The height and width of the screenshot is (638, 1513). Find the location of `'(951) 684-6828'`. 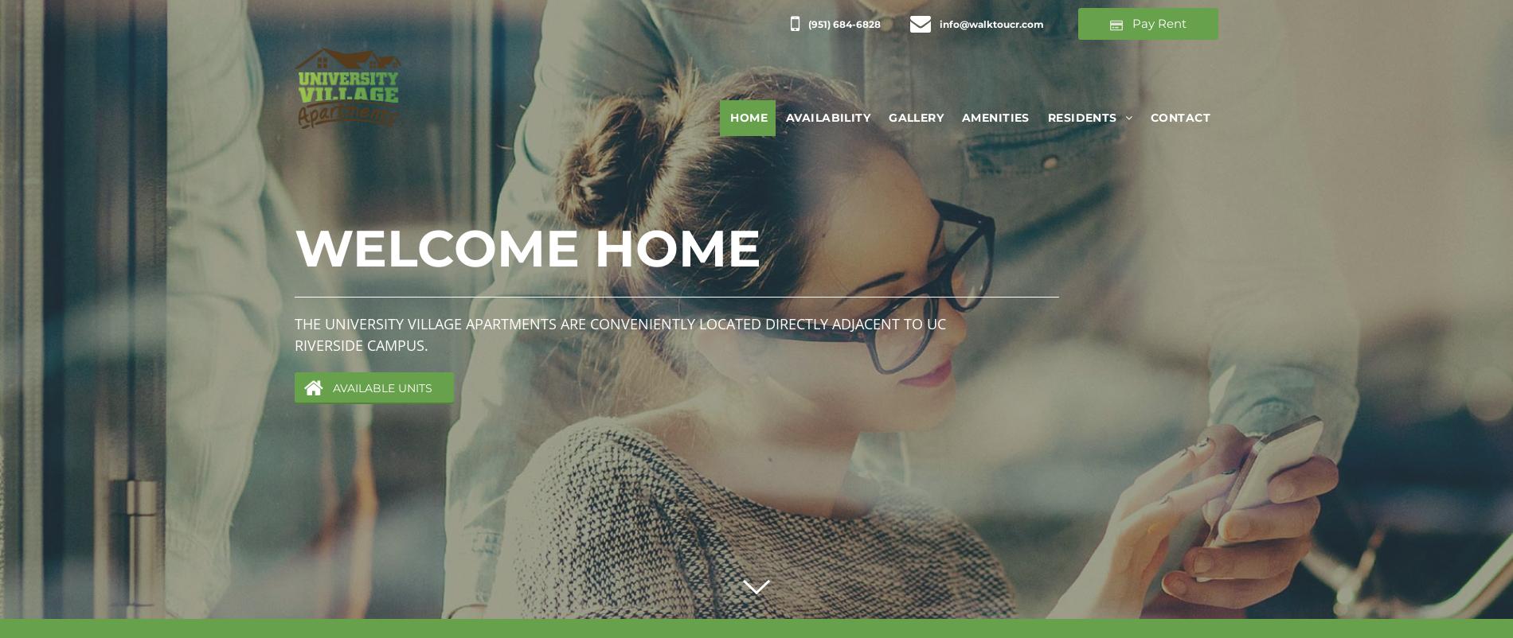

'(951) 684-6828' is located at coordinates (844, 23).